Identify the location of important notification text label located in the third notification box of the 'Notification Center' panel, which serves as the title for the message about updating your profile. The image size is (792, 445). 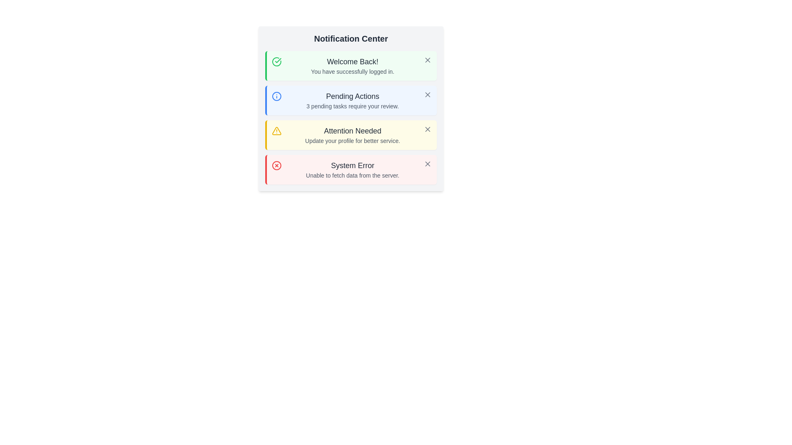
(352, 130).